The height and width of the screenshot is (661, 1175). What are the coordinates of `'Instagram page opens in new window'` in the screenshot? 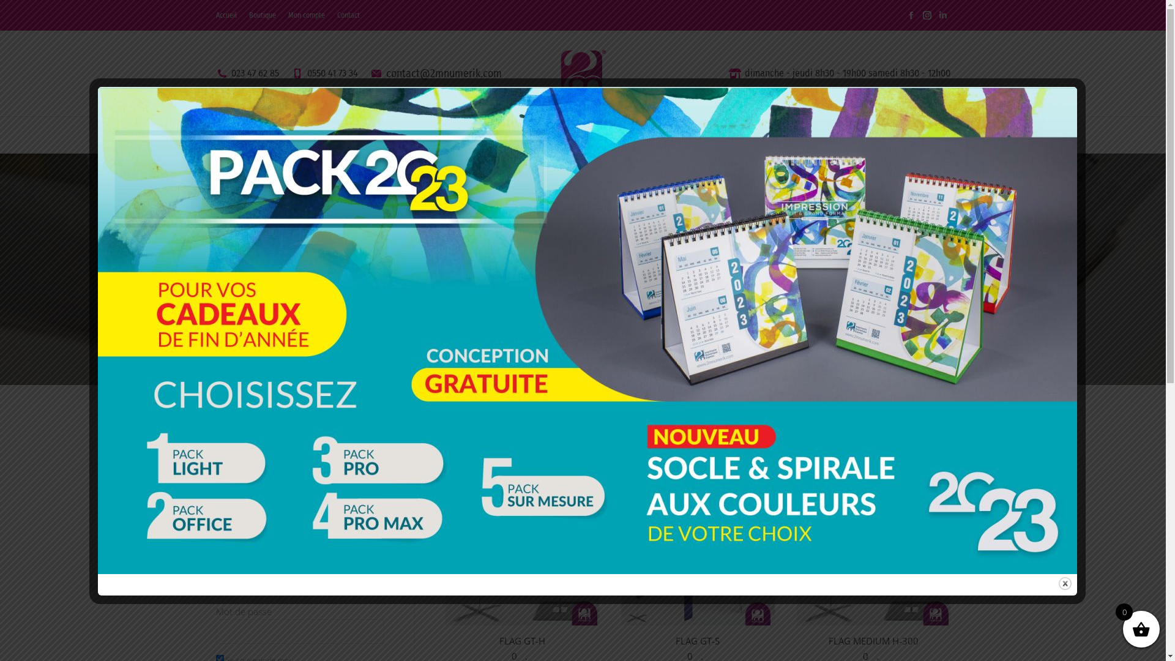 It's located at (926, 15).